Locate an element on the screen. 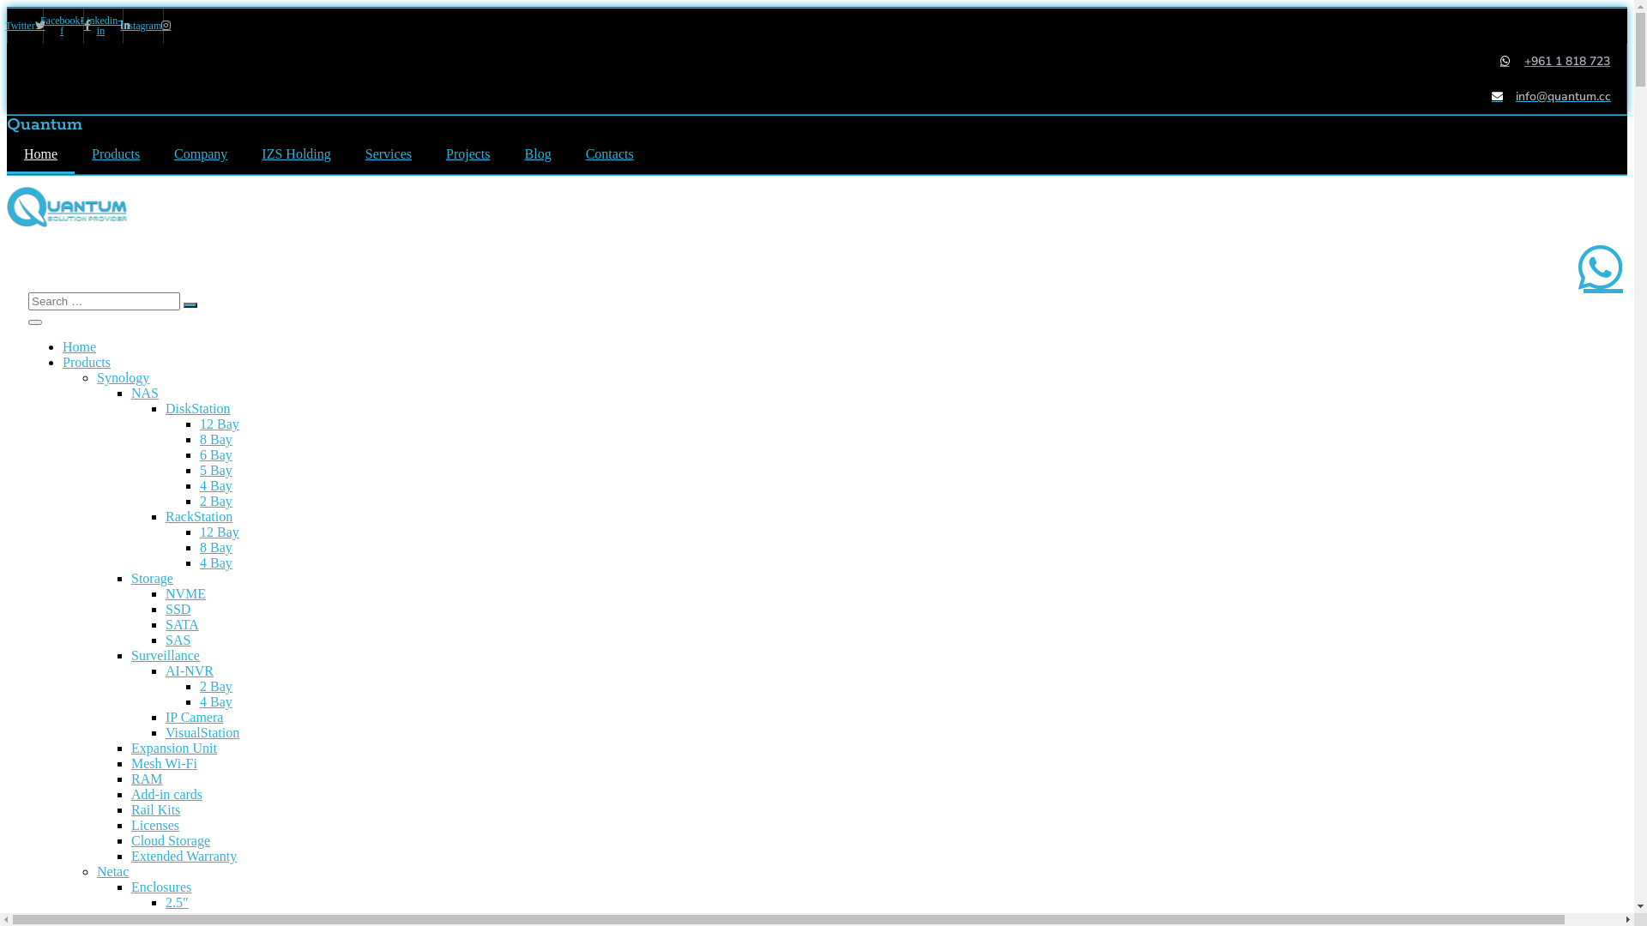  'info@quantum.cc' is located at coordinates (807, 96).